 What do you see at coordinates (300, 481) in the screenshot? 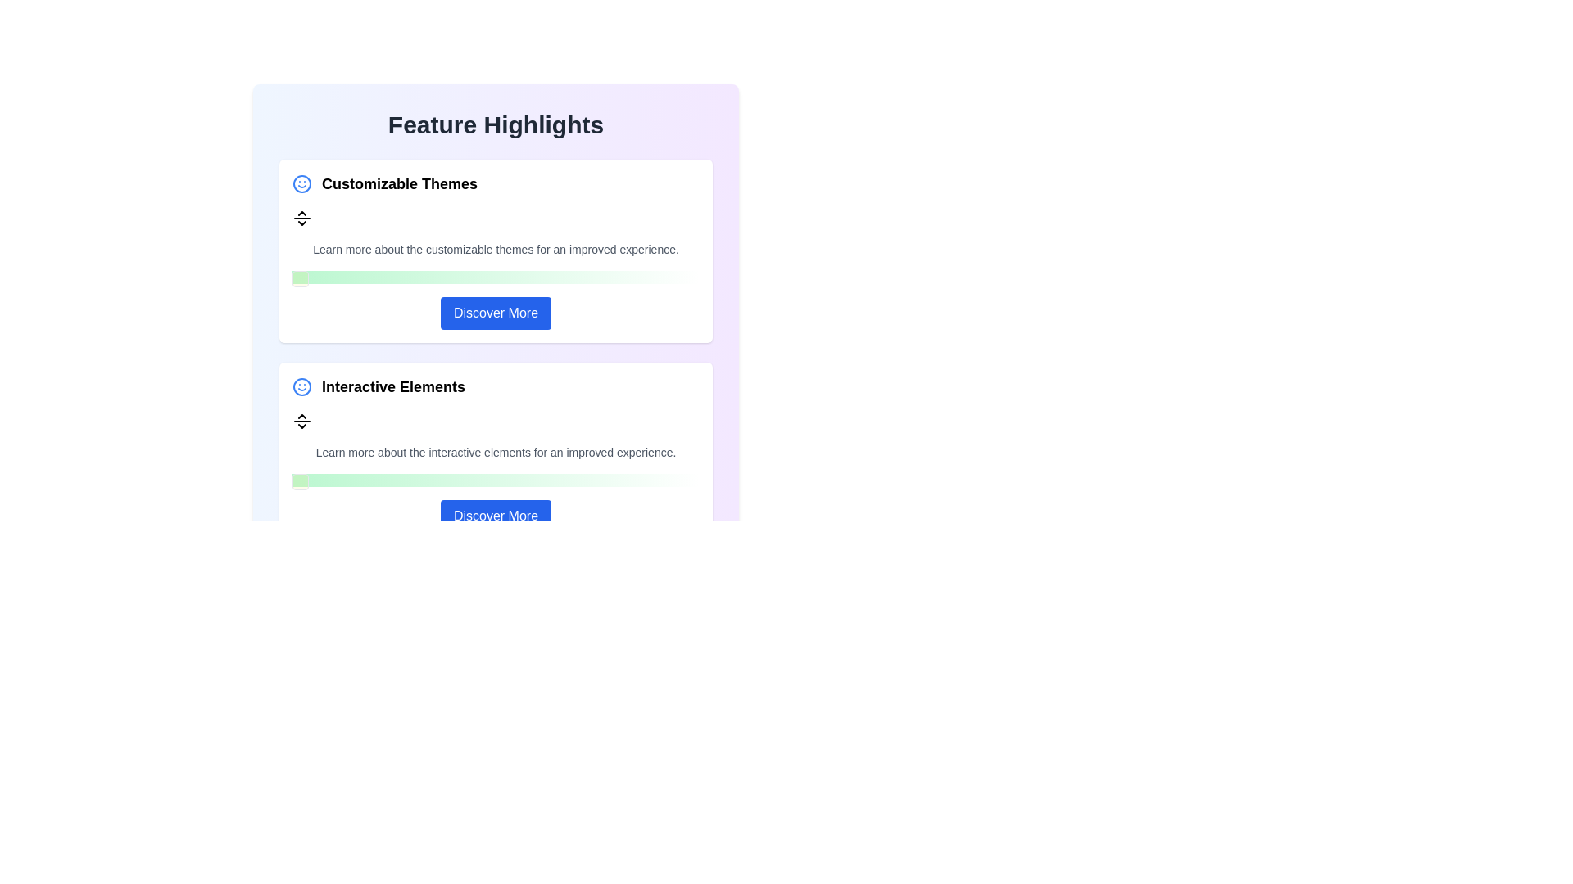
I see `the Progress Bar Marker located at the starting point of the horizontal green progress bar in the 'Interactive Elements' section` at bounding box center [300, 481].